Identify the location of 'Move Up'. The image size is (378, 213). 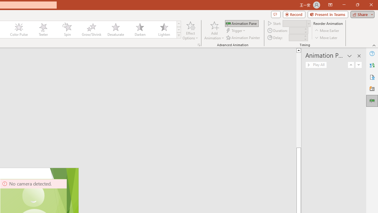
(351, 65).